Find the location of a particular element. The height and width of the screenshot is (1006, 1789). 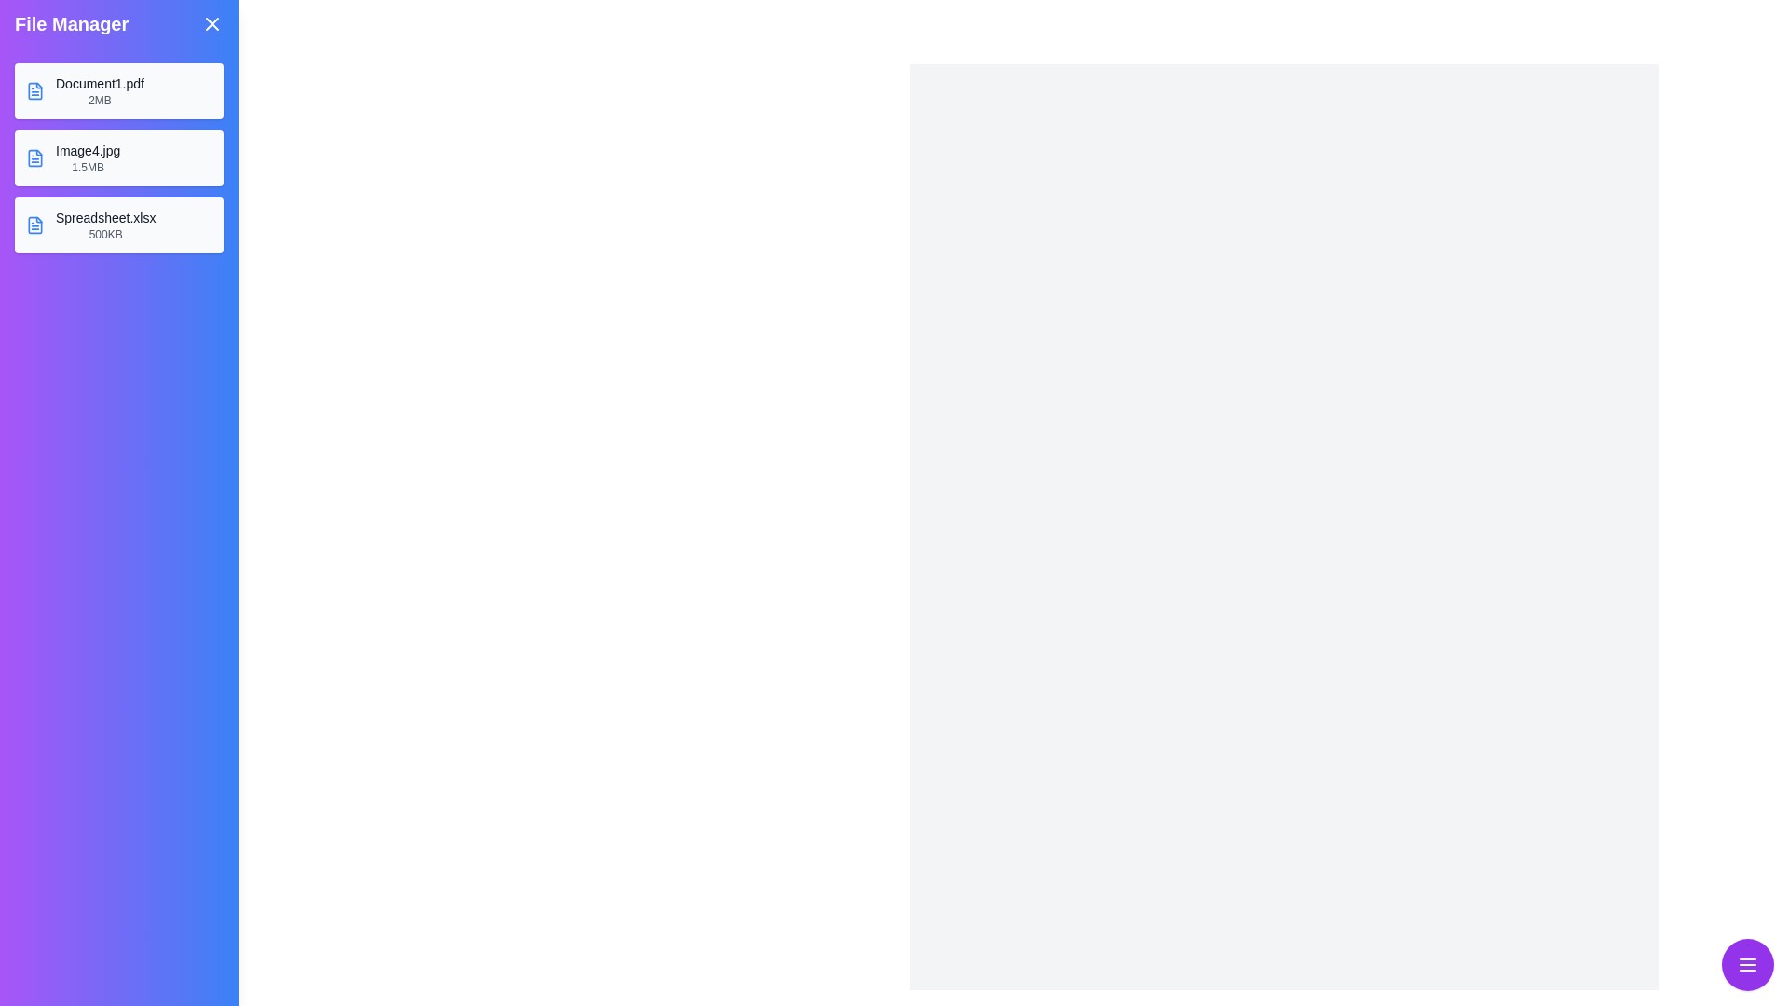

the text label displaying 'Document1.pdf' in the left panel, which is part of a file item entry with a gradient background is located at coordinates (99, 82).